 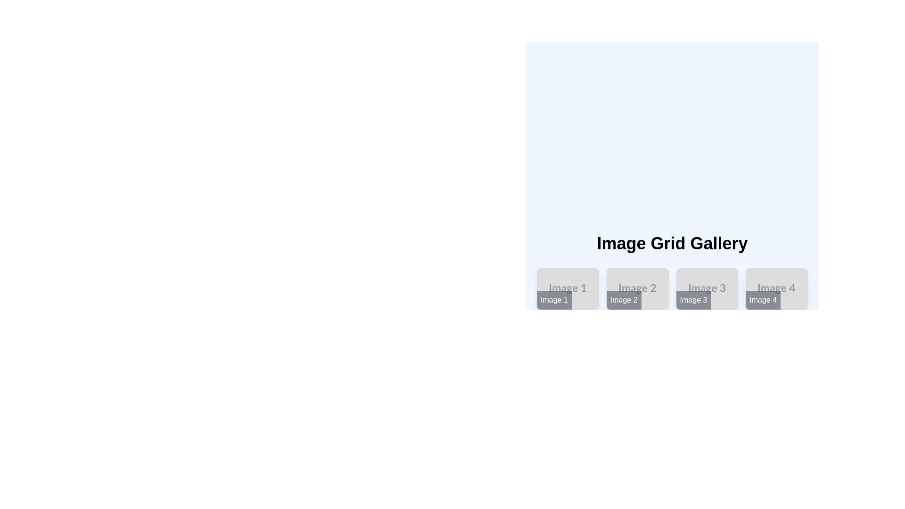 What do you see at coordinates (707, 288) in the screenshot?
I see `the rectangular image element labeled 'Image 3' that has rounded corners and a shadow effect` at bounding box center [707, 288].